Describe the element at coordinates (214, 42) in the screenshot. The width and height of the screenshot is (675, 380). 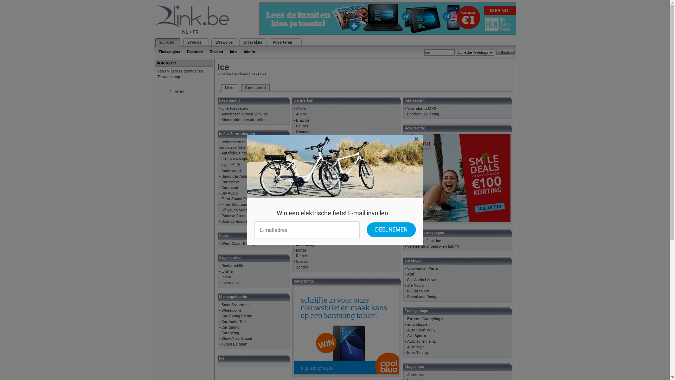
I see `'2News.be'` at that location.